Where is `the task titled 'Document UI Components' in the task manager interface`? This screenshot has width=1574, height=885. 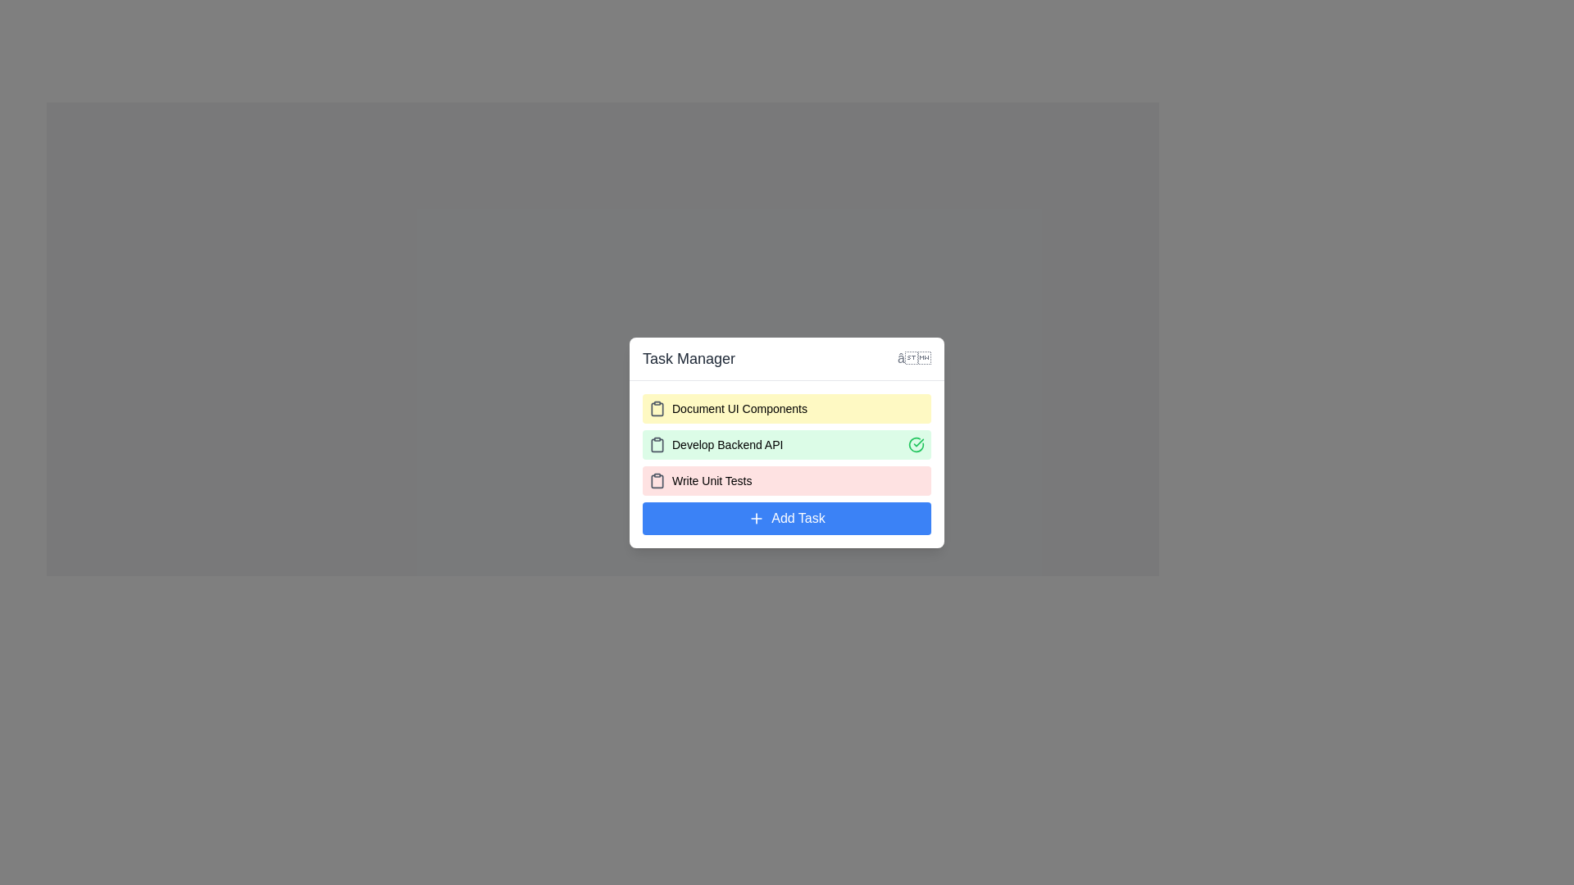
the task titled 'Document UI Components' in the task manager interface is located at coordinates (787, 406).